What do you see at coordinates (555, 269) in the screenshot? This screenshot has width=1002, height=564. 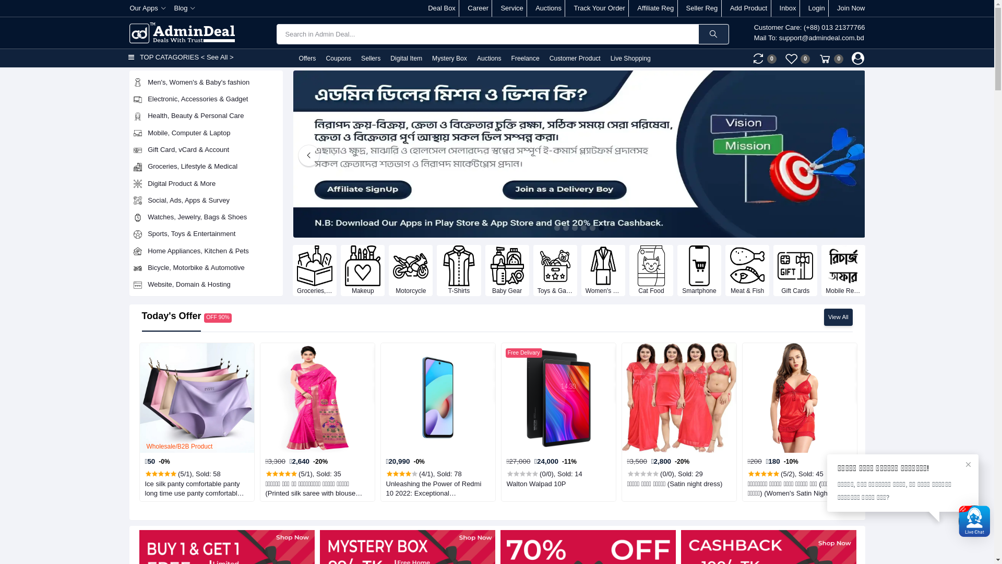 I see `'Toys & Games'` at bounding box center [555, 269].